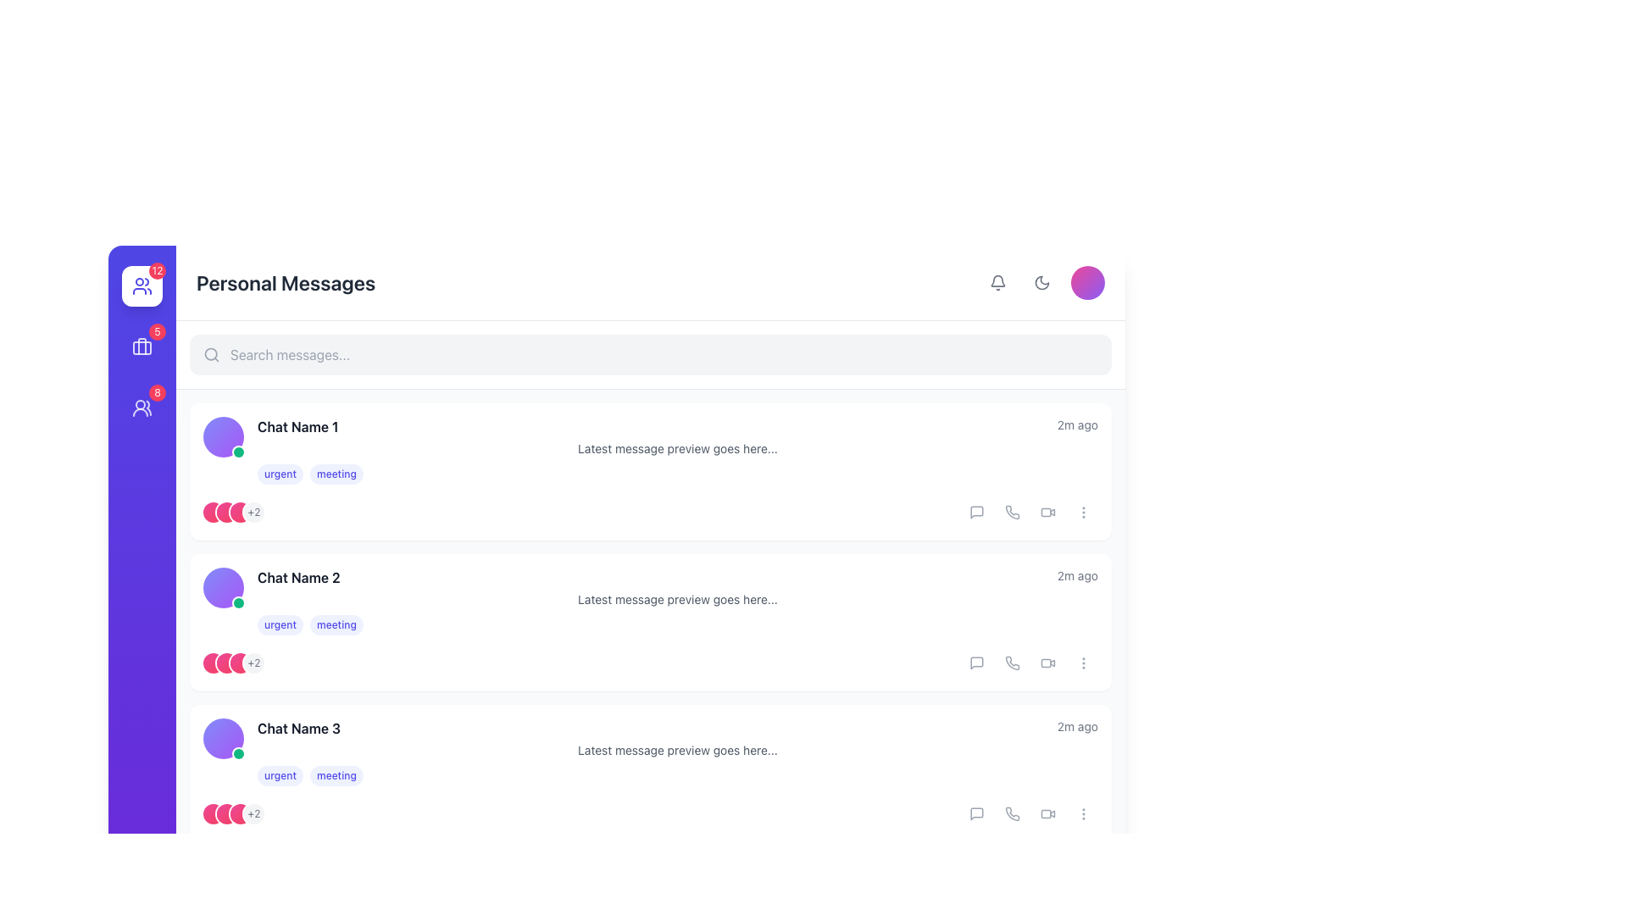 The width and height of the screenshot is (1627, 915). What do you see at coordinates (142, 408) in the screenshot?
I see `the circular user group icon button with a notification badge showing '8' in the vertical navigation sidebar` at bounding box center [142, 408].